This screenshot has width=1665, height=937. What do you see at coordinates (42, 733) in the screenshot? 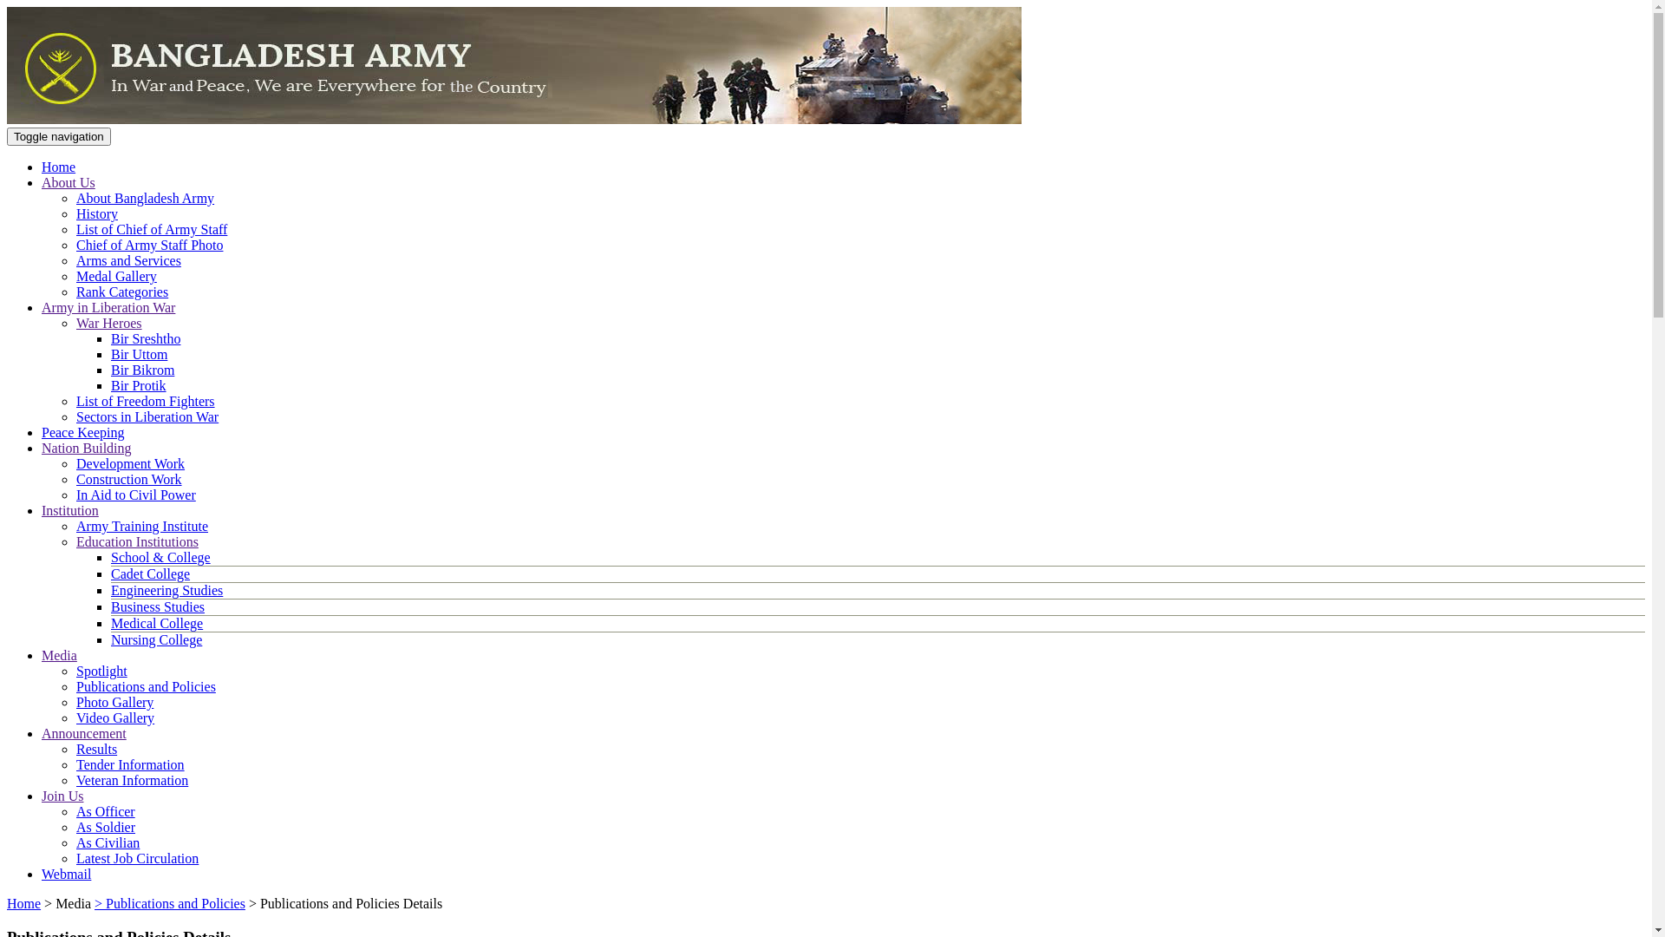
I see `'Announcement'` at bounding box center [42, 733].